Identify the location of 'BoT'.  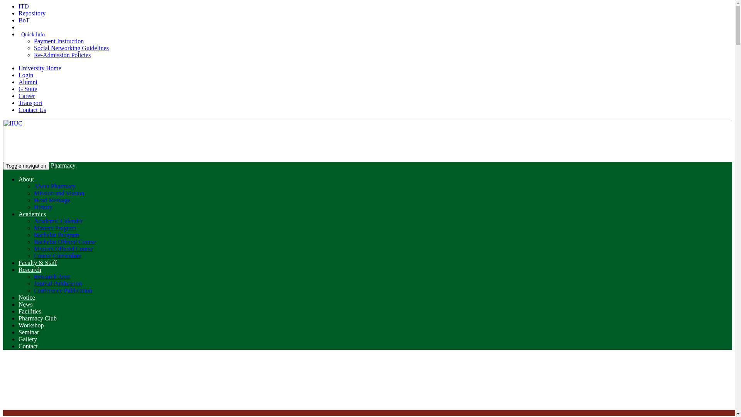
(24, 20).